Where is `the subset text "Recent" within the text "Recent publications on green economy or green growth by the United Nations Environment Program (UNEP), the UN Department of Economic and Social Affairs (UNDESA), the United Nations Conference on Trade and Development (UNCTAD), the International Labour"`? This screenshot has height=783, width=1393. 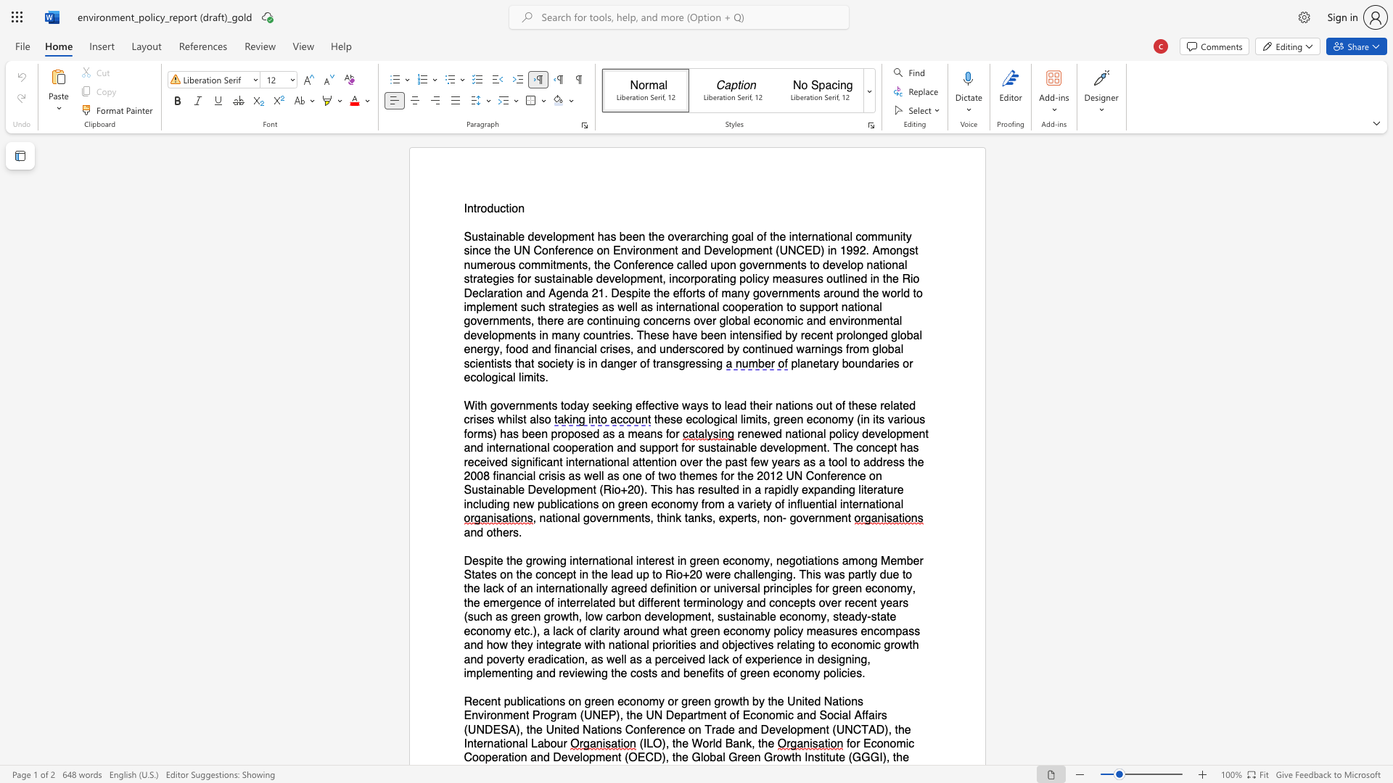 the subset text "Recent" within the text "Recent publications on green economy or green growth by the United Nations Environment Program (UNEP), the UN Department of Economic and Social Affairs (UNDESA), the United Nations Conference on Trade and Development (UNCTAD), the International Labour" is located at coordinates (463, 700).